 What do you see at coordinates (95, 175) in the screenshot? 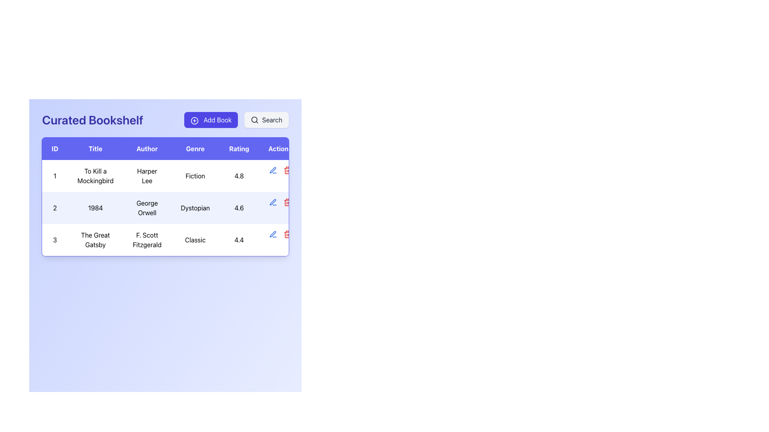
I see `the 'To Kill a Mockingbird' text label located in the 'Title' cell of the first row in the tabular grid` at bounding box center [95, 175].